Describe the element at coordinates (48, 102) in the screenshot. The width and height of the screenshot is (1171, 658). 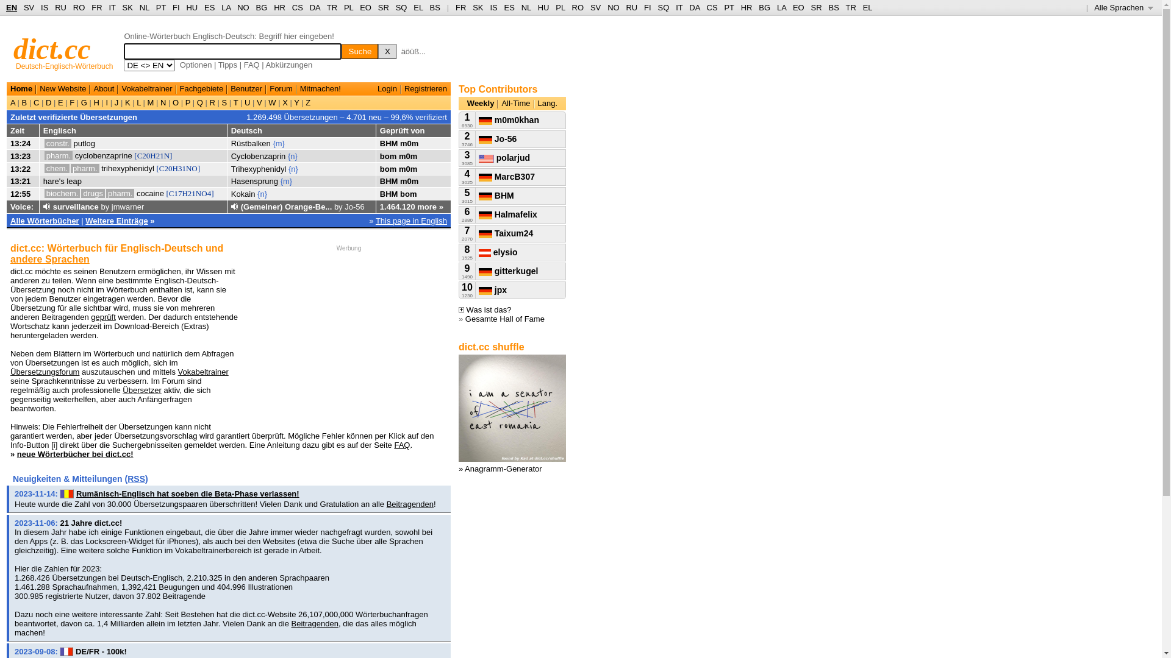
I see `'D'` at that location.